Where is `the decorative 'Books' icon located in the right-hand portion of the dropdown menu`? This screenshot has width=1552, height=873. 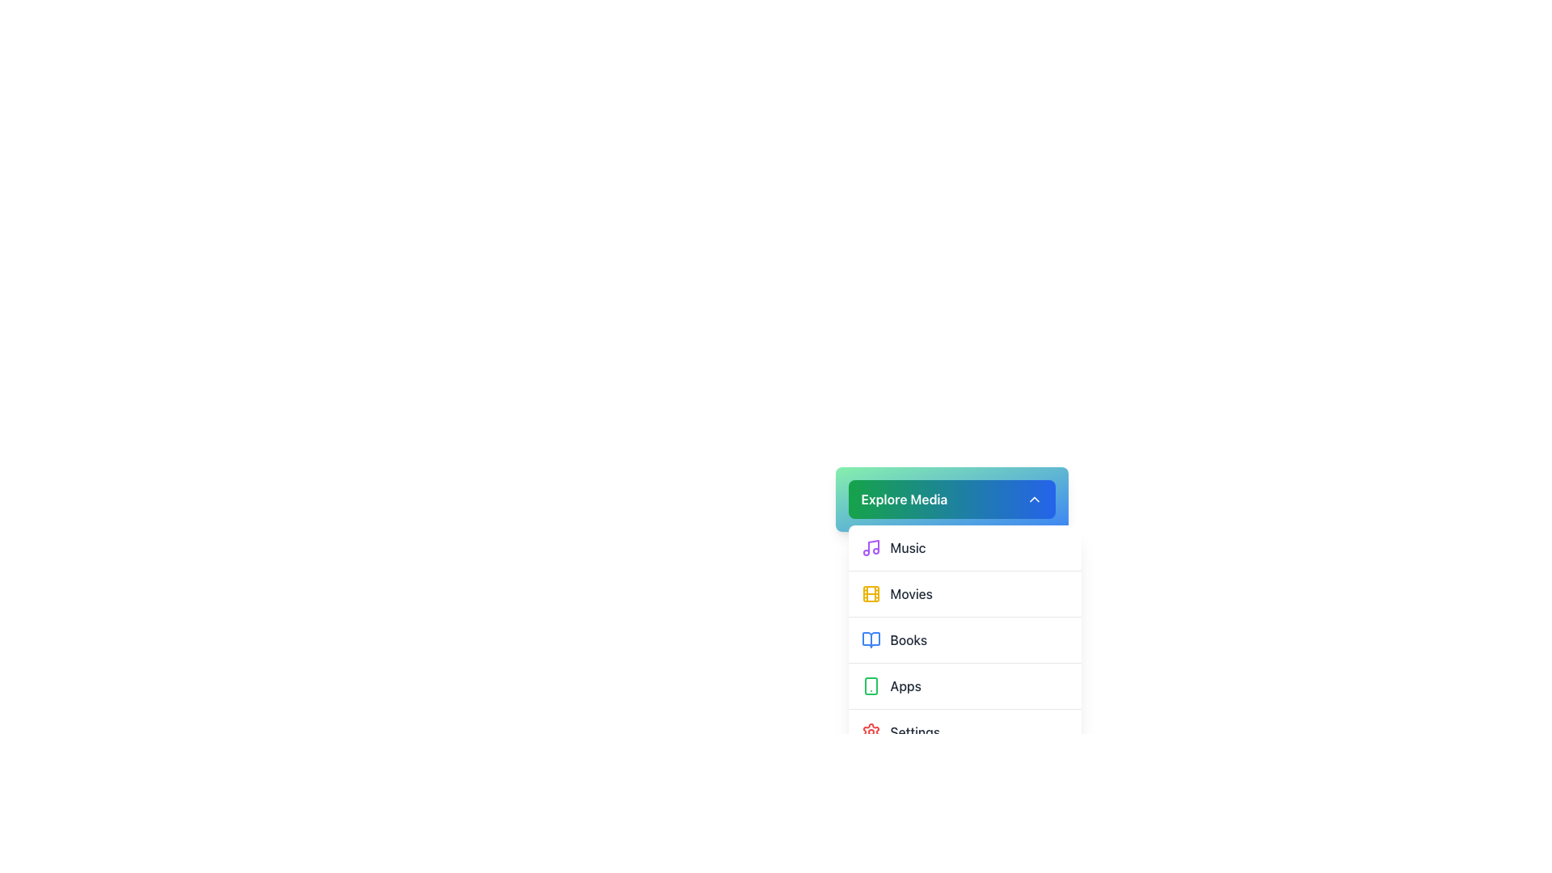 the decorative 'Books' icon located in the right-hand portion of the dropdown menu is located at coordinates (870, 639).